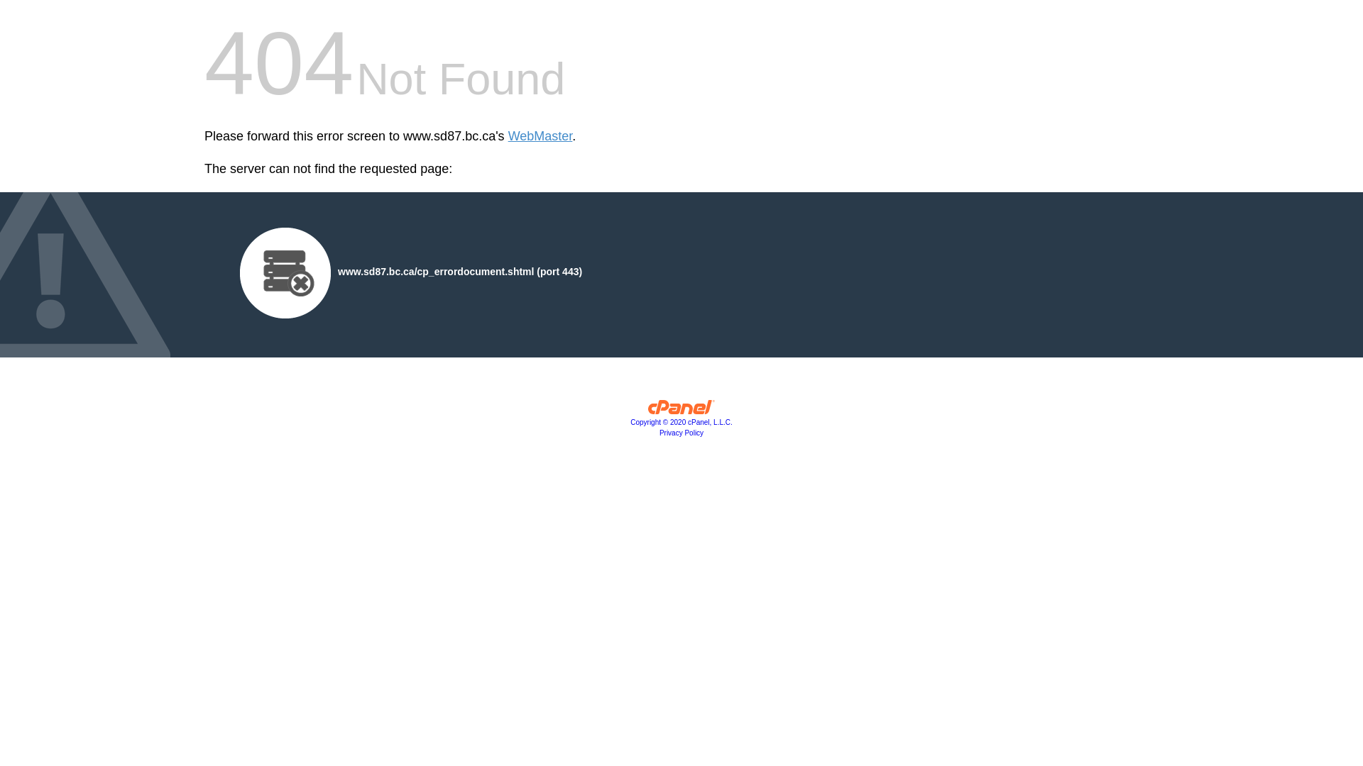 The height and width of the screenshot is (766, 1363). Describe the element at coordinates (681, 432) in the screenshot. I see `'Privacy Policy'` at that location.